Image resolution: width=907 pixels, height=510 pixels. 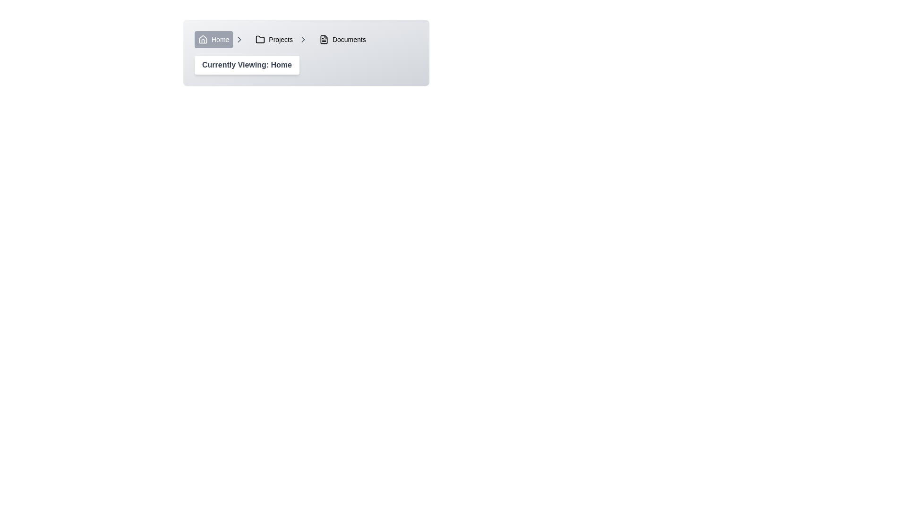 What do you see at coordinates (342, 39) in the screenshot?
I see `the 'Documents' button in the breadcrumb navigation bar` at bounding box center [342, 39].